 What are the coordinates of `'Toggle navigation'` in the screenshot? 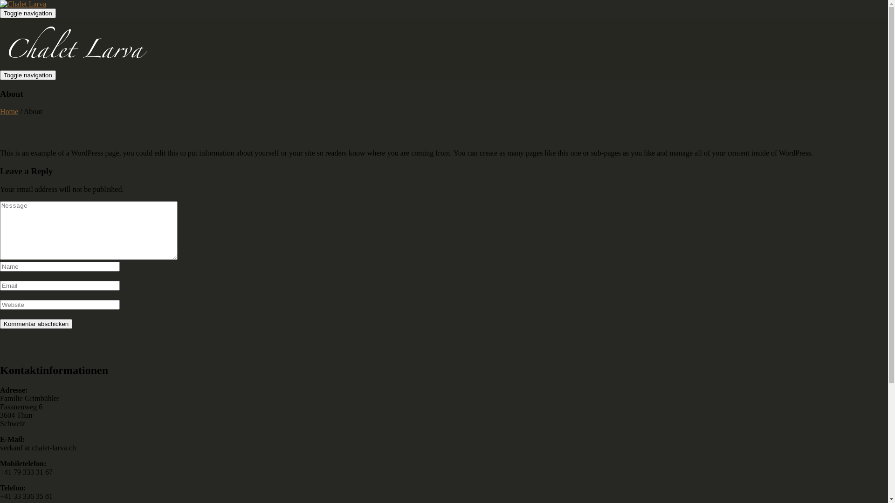 It's located at (28, 13).